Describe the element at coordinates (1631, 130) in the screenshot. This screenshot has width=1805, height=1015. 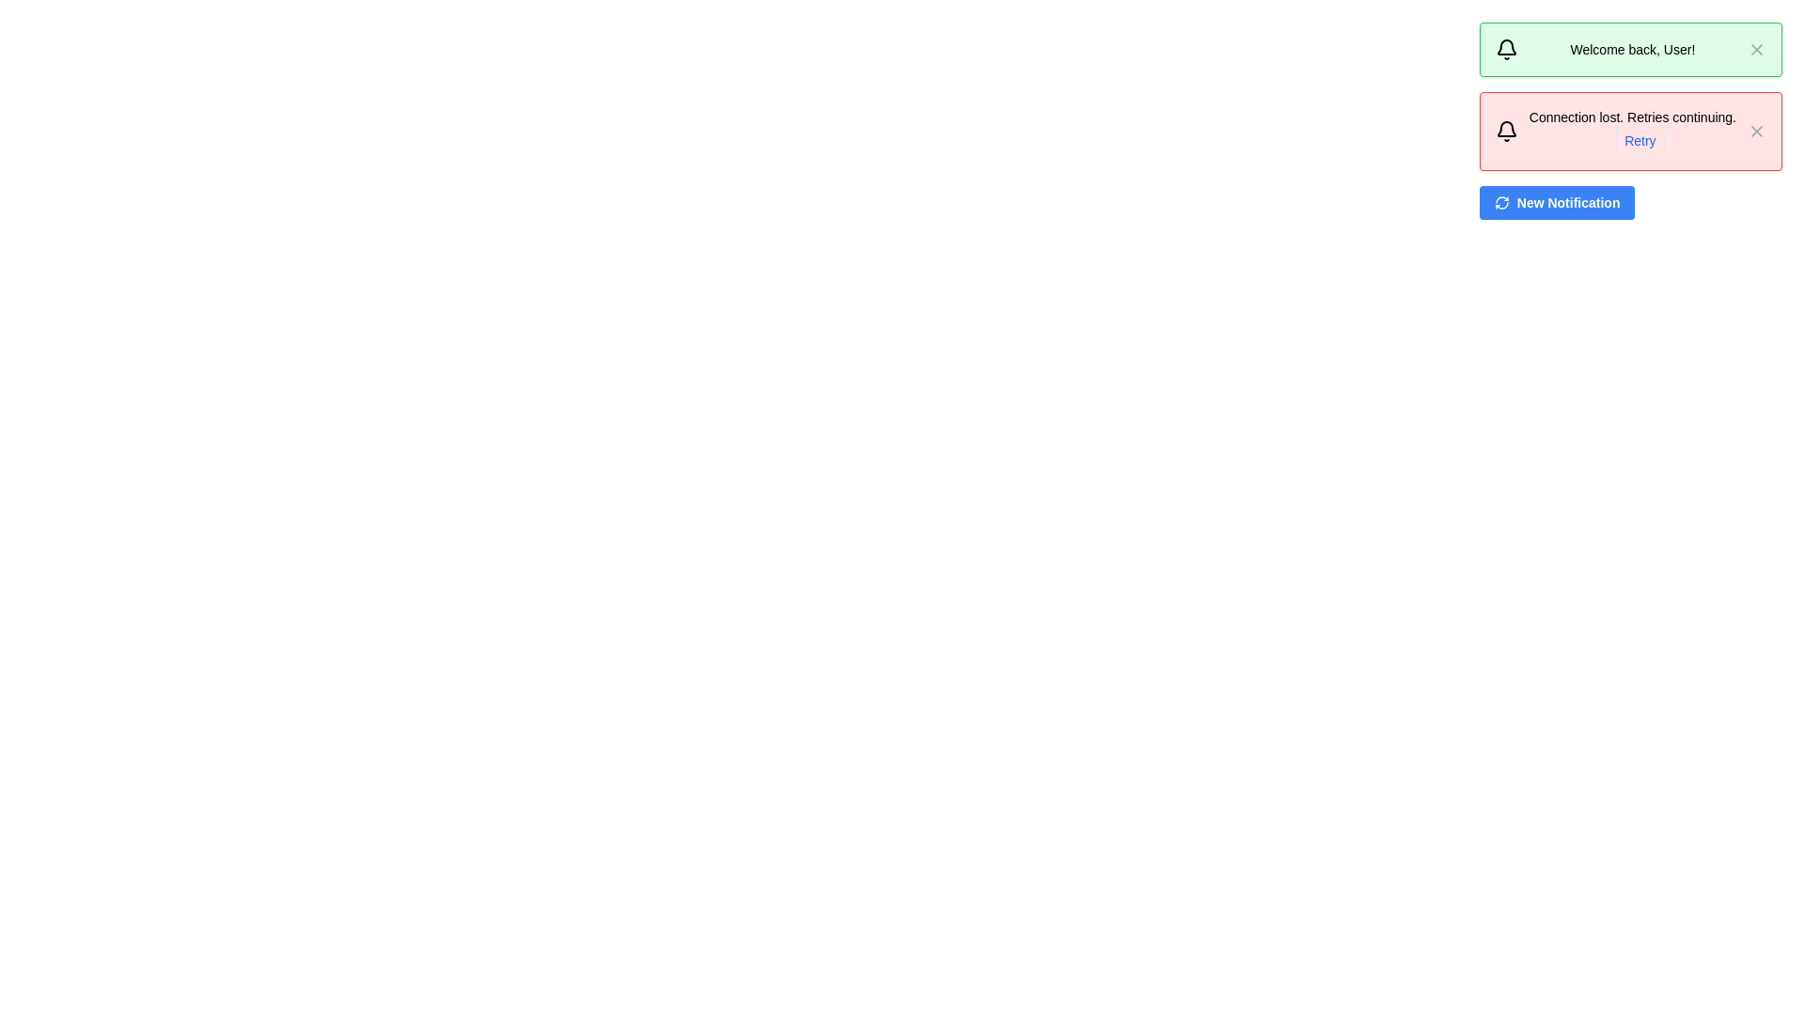
I see `the 'Retry' button in the notification that displays 'Connection lost. Retries continuing.' to observe its hover effects` at that location.